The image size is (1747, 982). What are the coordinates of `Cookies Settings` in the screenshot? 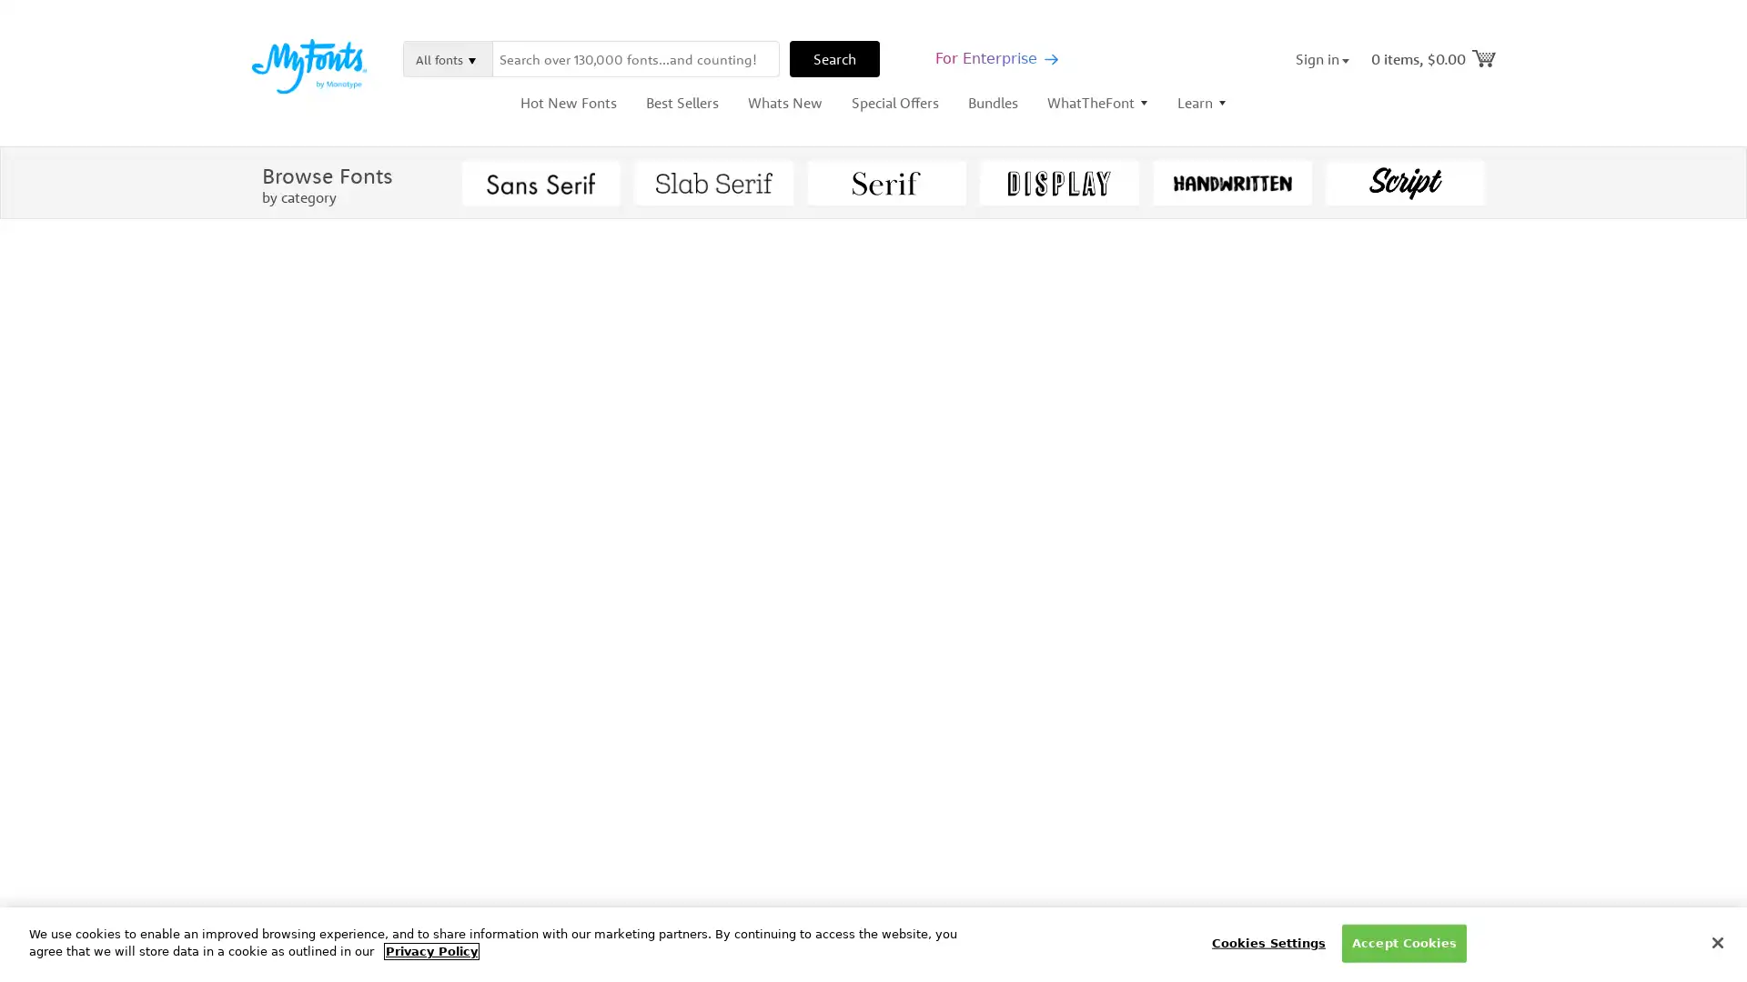 It's located at (1267, 942).